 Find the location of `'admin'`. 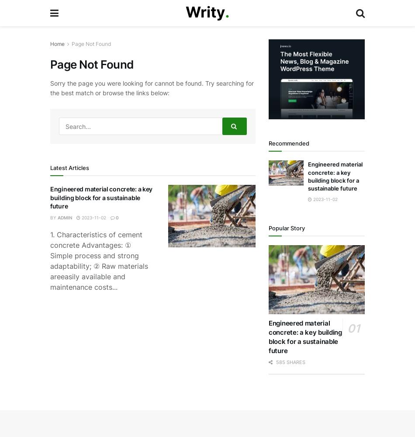

'admin' is located at coordinates (65, 217).